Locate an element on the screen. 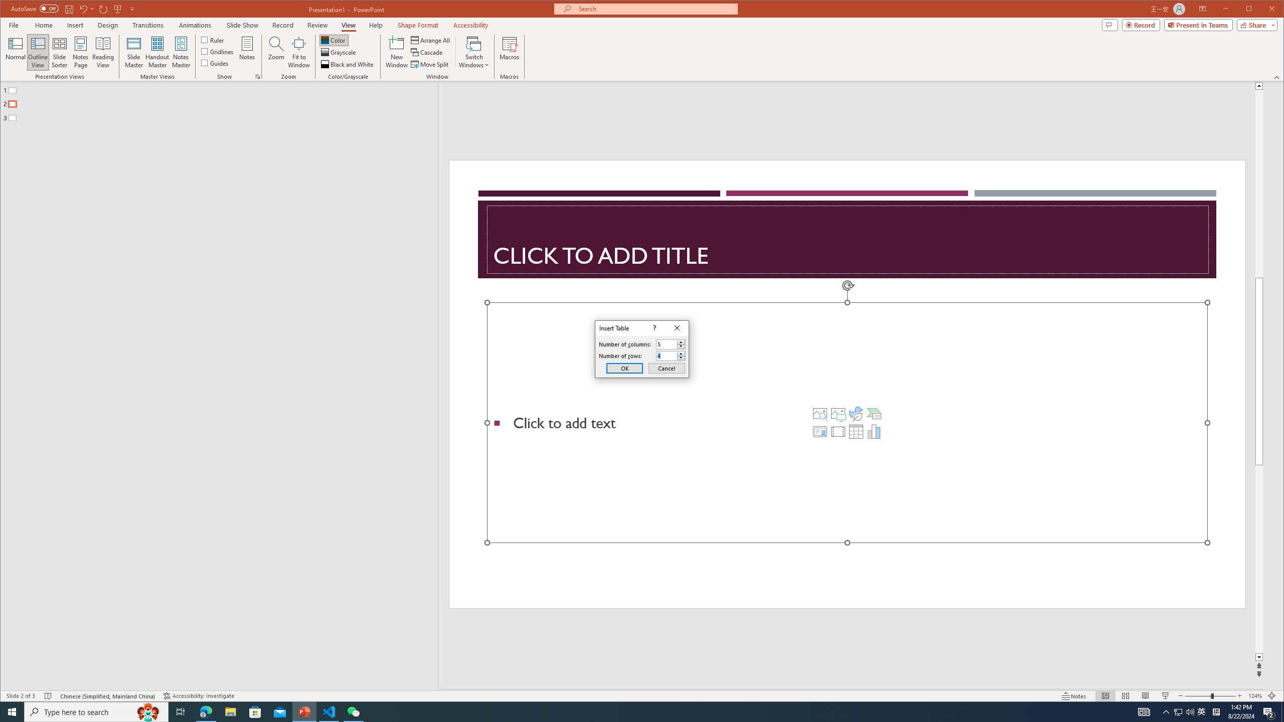 The width and height of the screenshot is (1284, 722). 'Context help' is located at coordinates (654, 328).